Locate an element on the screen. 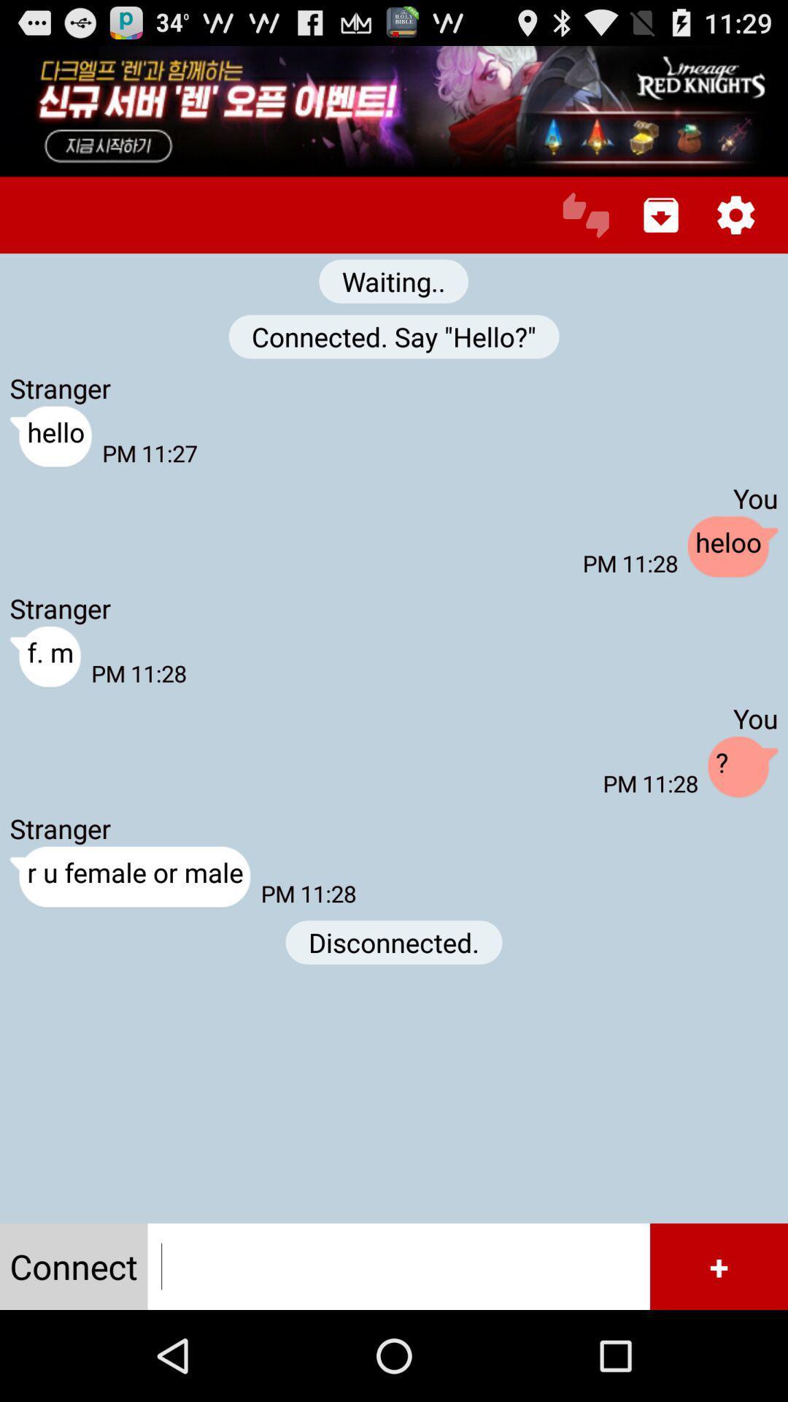 Image resolution: width=788 pixels, height=1402 pixels. the + is located at coordinates (718, 1265).